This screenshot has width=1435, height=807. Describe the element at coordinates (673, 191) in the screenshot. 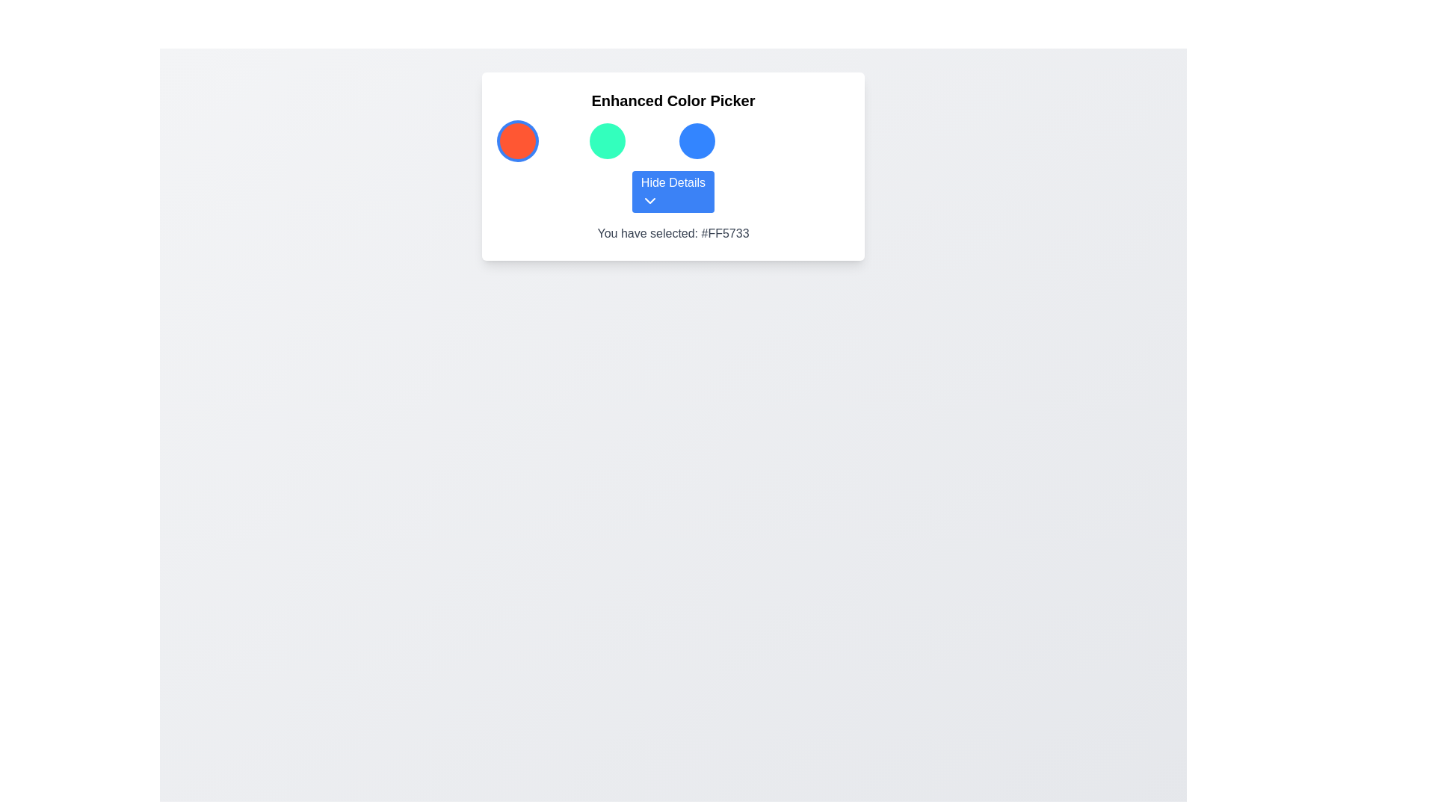

I see `the button located centrally below a row of three circular color indicators within the color picker interface` at that location.